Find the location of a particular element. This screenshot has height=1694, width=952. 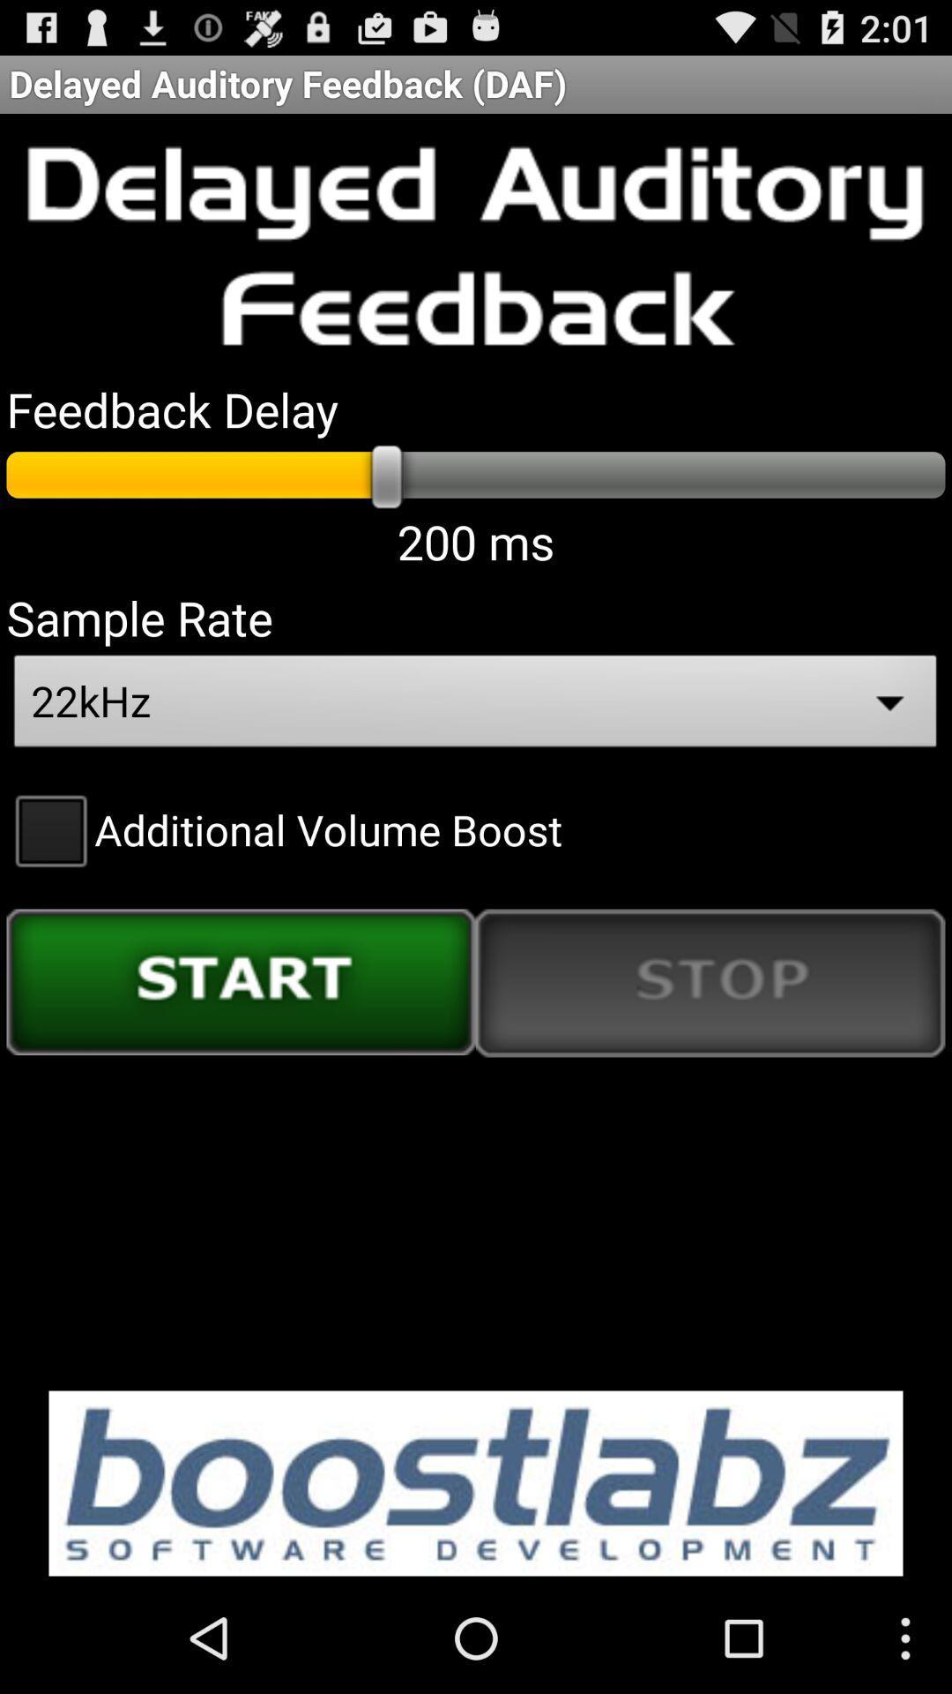

item below the additional volume boost icon is located at coordinates (241, 981).